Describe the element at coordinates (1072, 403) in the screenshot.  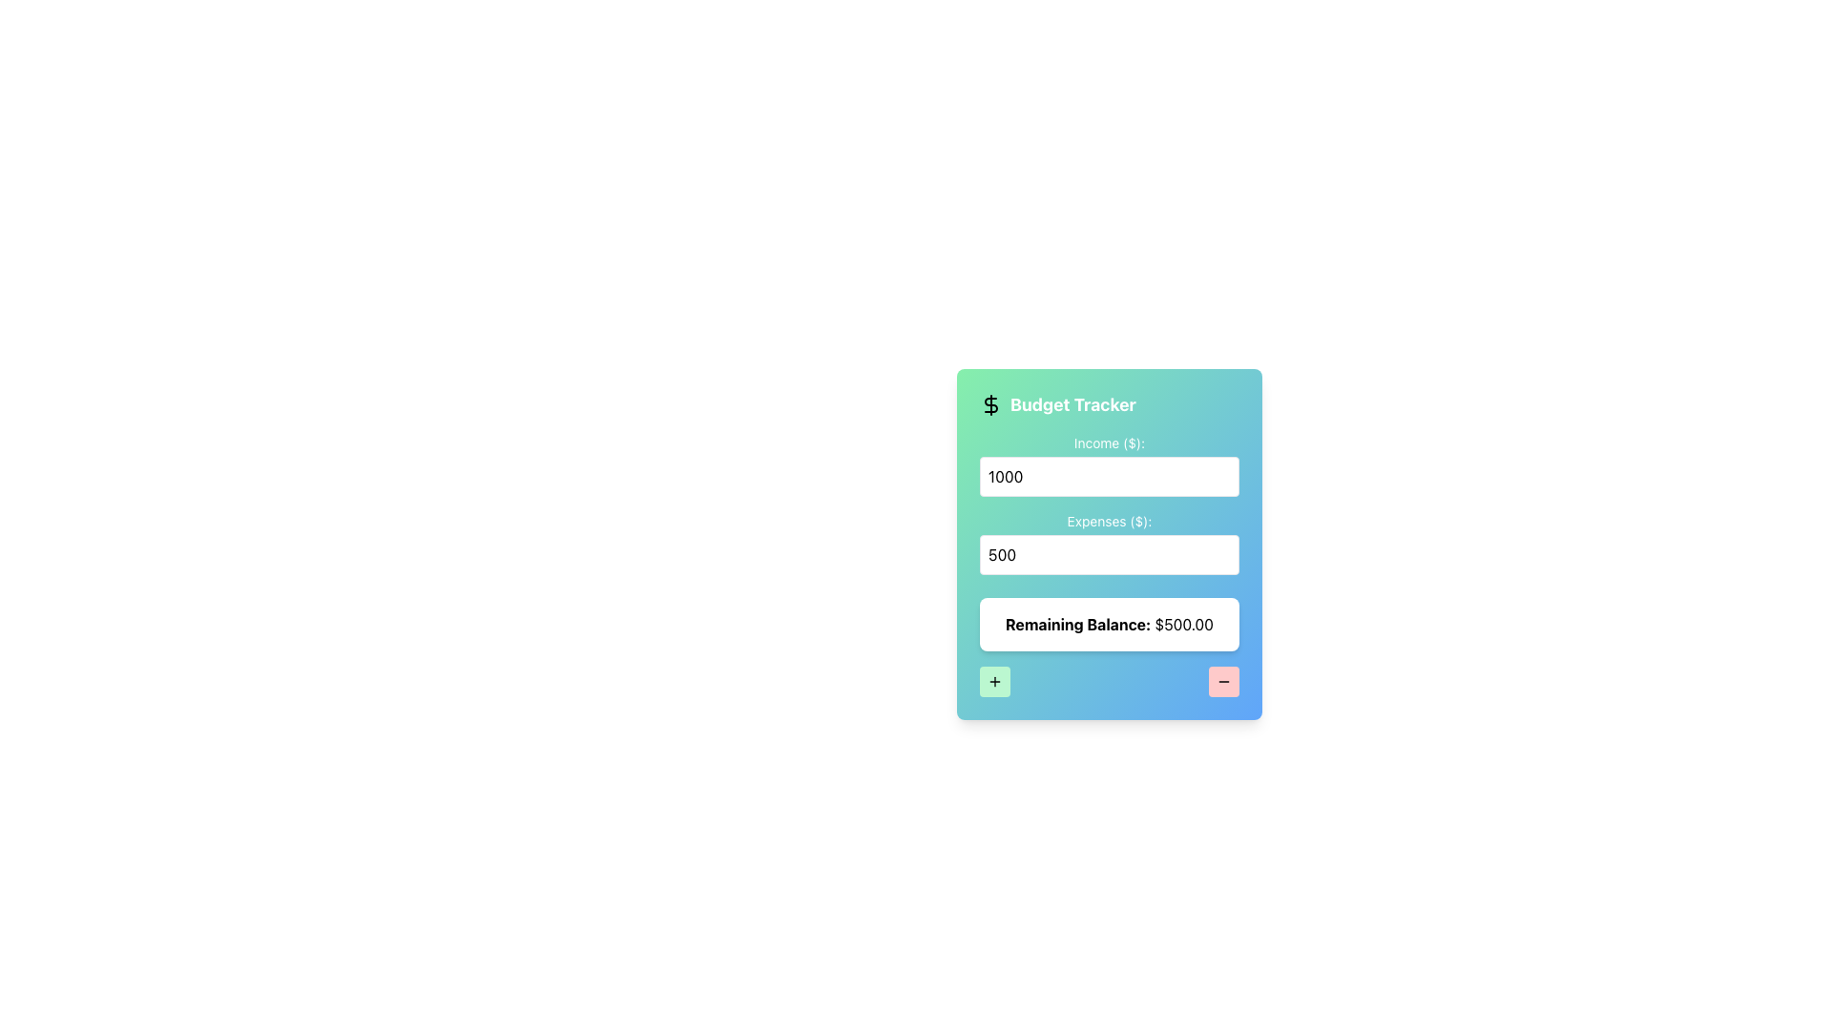
I see `the text label that acts as a title for the budget tracker card, positioned immediately after a dollar sign icon in a horizontal flexbox layout` at that location.